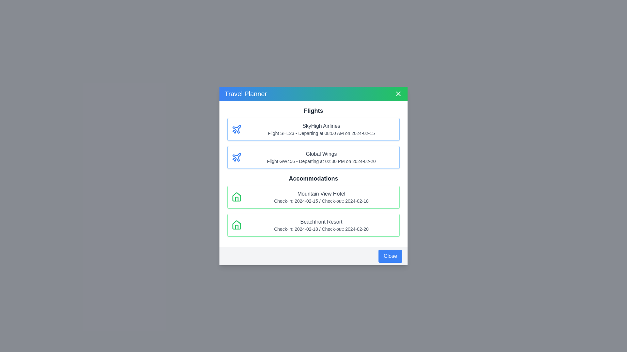 This screenshot has width=627, height=352. What do you see at coordinates (236, 129) in the screenshot?
I see `the blue plane icon, which is located at the top-left corner of the first card under the 'Flights' section, before the text 'SkyHigh Airlines Flight SH123 - Departing at 08:00 AM on 2024-02-15'` at bounding box center [236, 129].